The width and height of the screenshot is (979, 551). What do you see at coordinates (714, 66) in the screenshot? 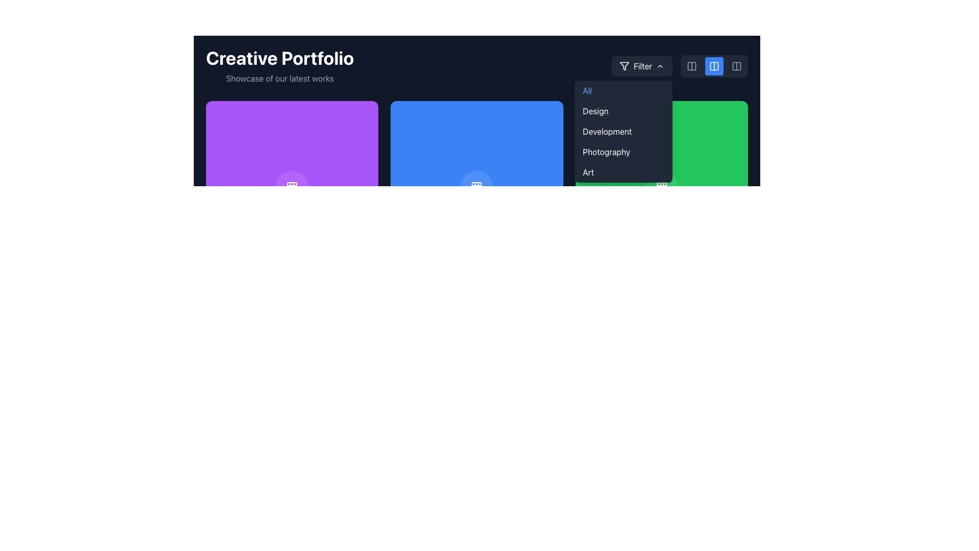
I see `the Interactive Button located in the top-right section of the interface` at bounding box center [714, 66].